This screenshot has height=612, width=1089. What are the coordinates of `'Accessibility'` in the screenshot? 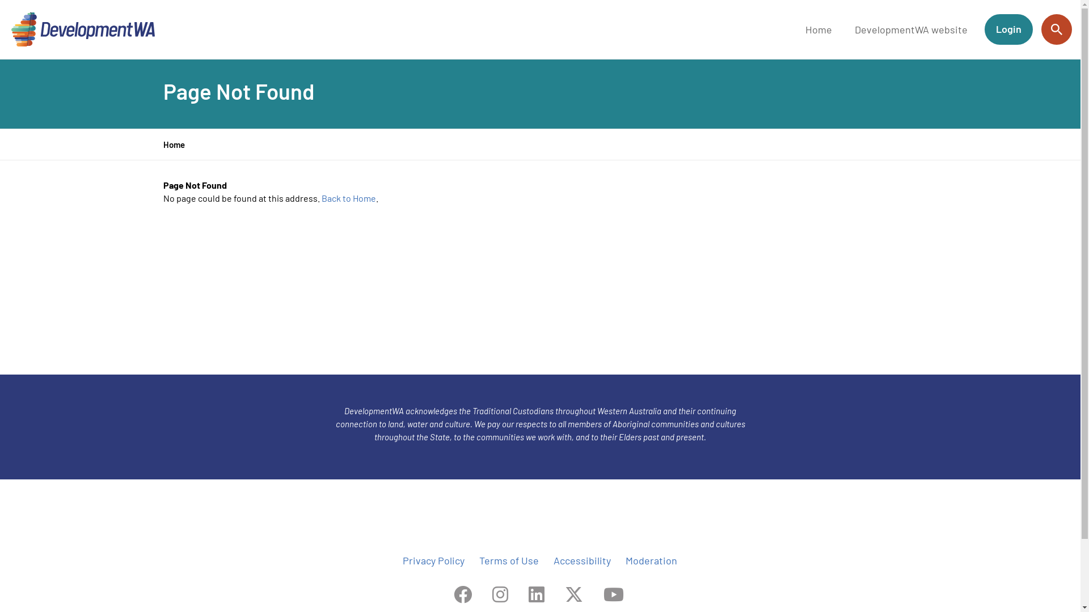 It's located at (582, 560).